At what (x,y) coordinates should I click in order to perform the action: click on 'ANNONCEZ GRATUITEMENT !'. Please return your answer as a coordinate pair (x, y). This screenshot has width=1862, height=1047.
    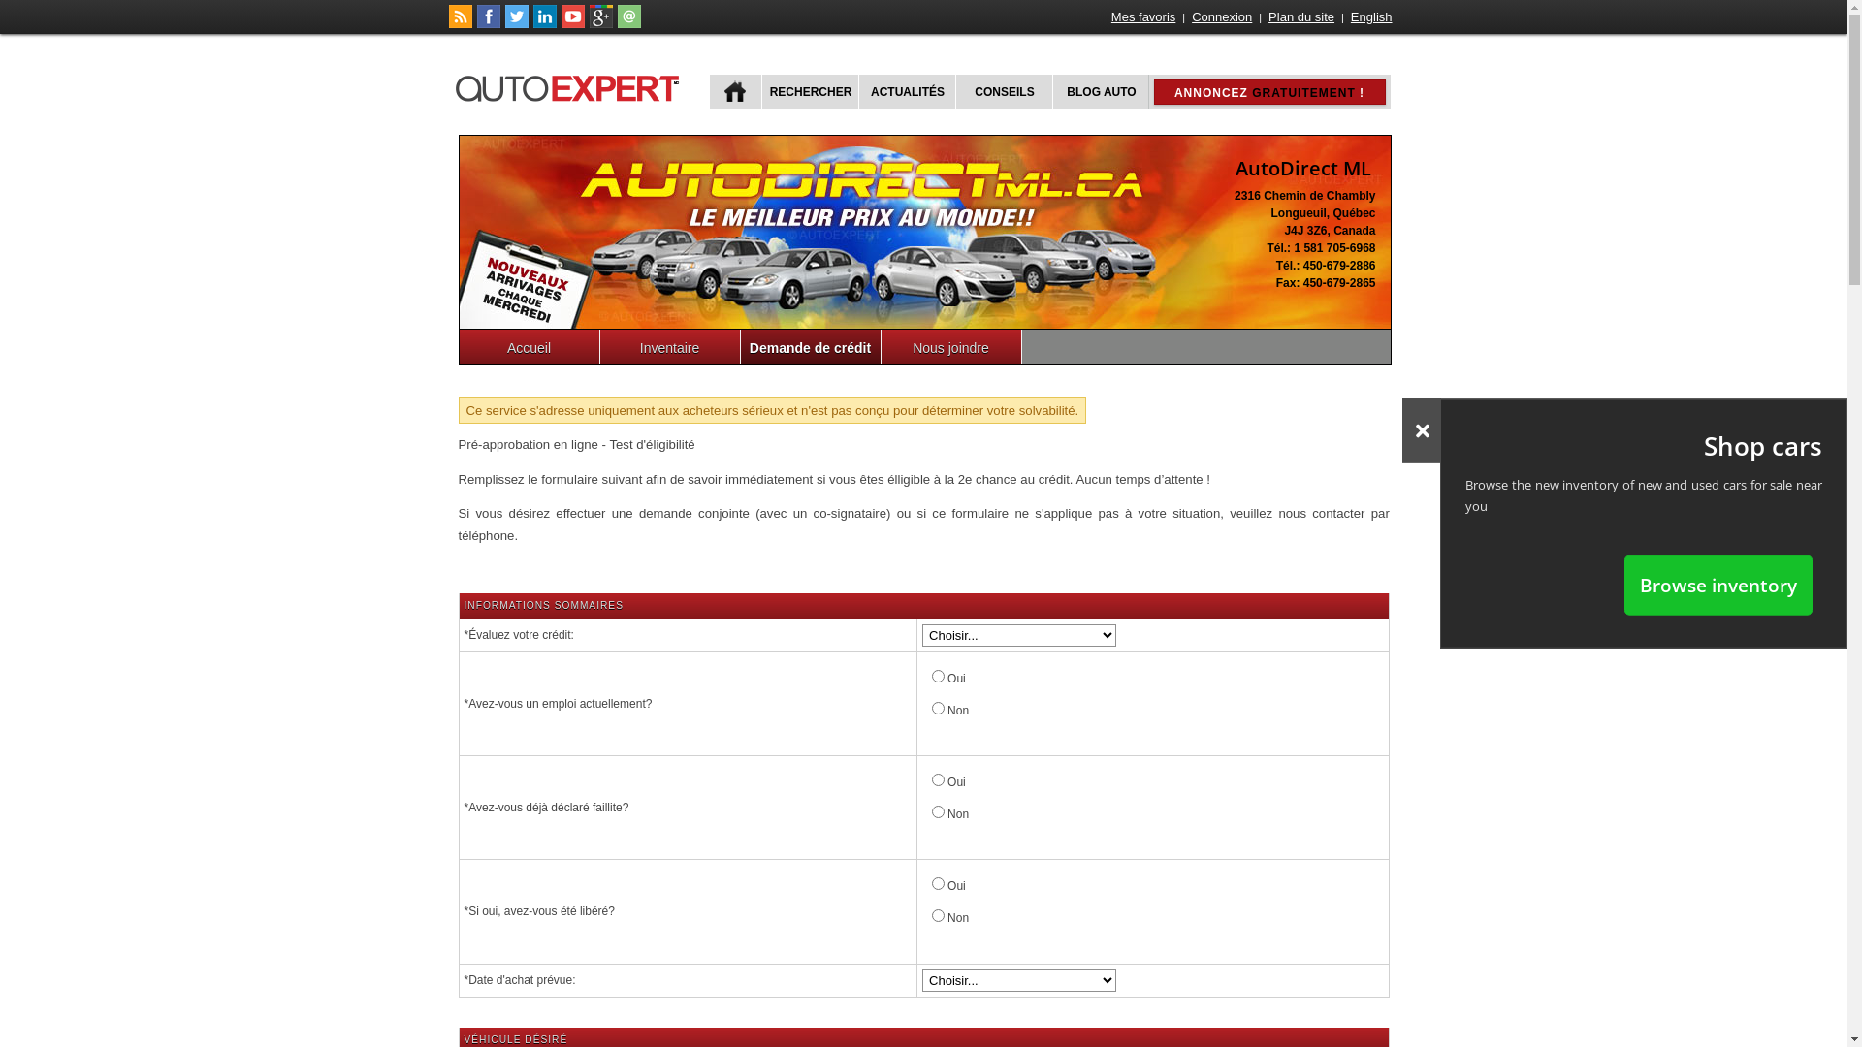
    Looking at the image, I should click on (1269, 92).